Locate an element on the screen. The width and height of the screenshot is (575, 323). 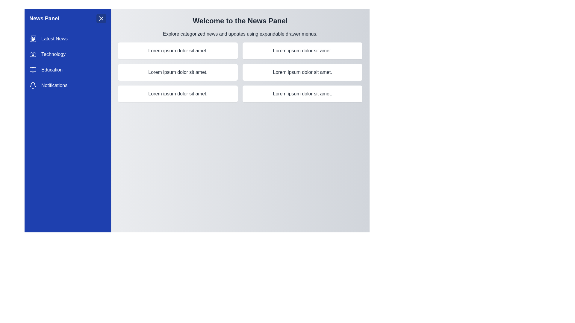
the Latest News category in the drawer menu is located at coordinates (67, 39).